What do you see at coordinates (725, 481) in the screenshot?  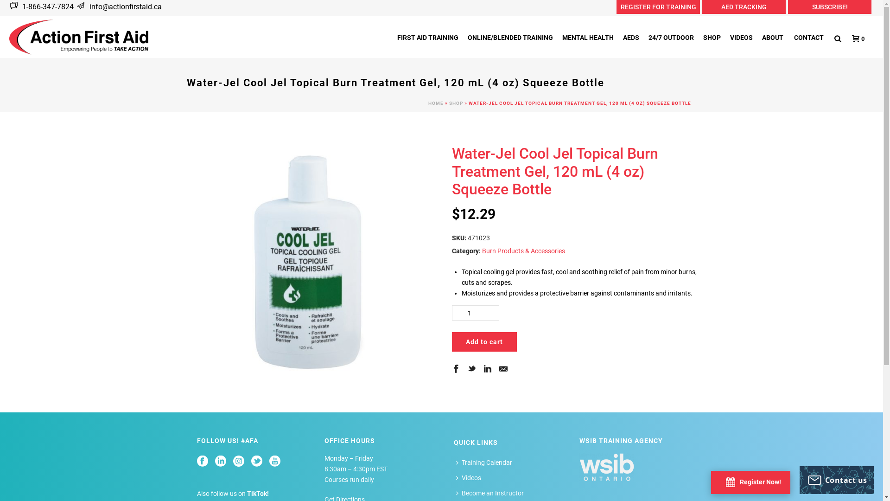 I see `'Register Now!'` at bounding box center [725, 481].